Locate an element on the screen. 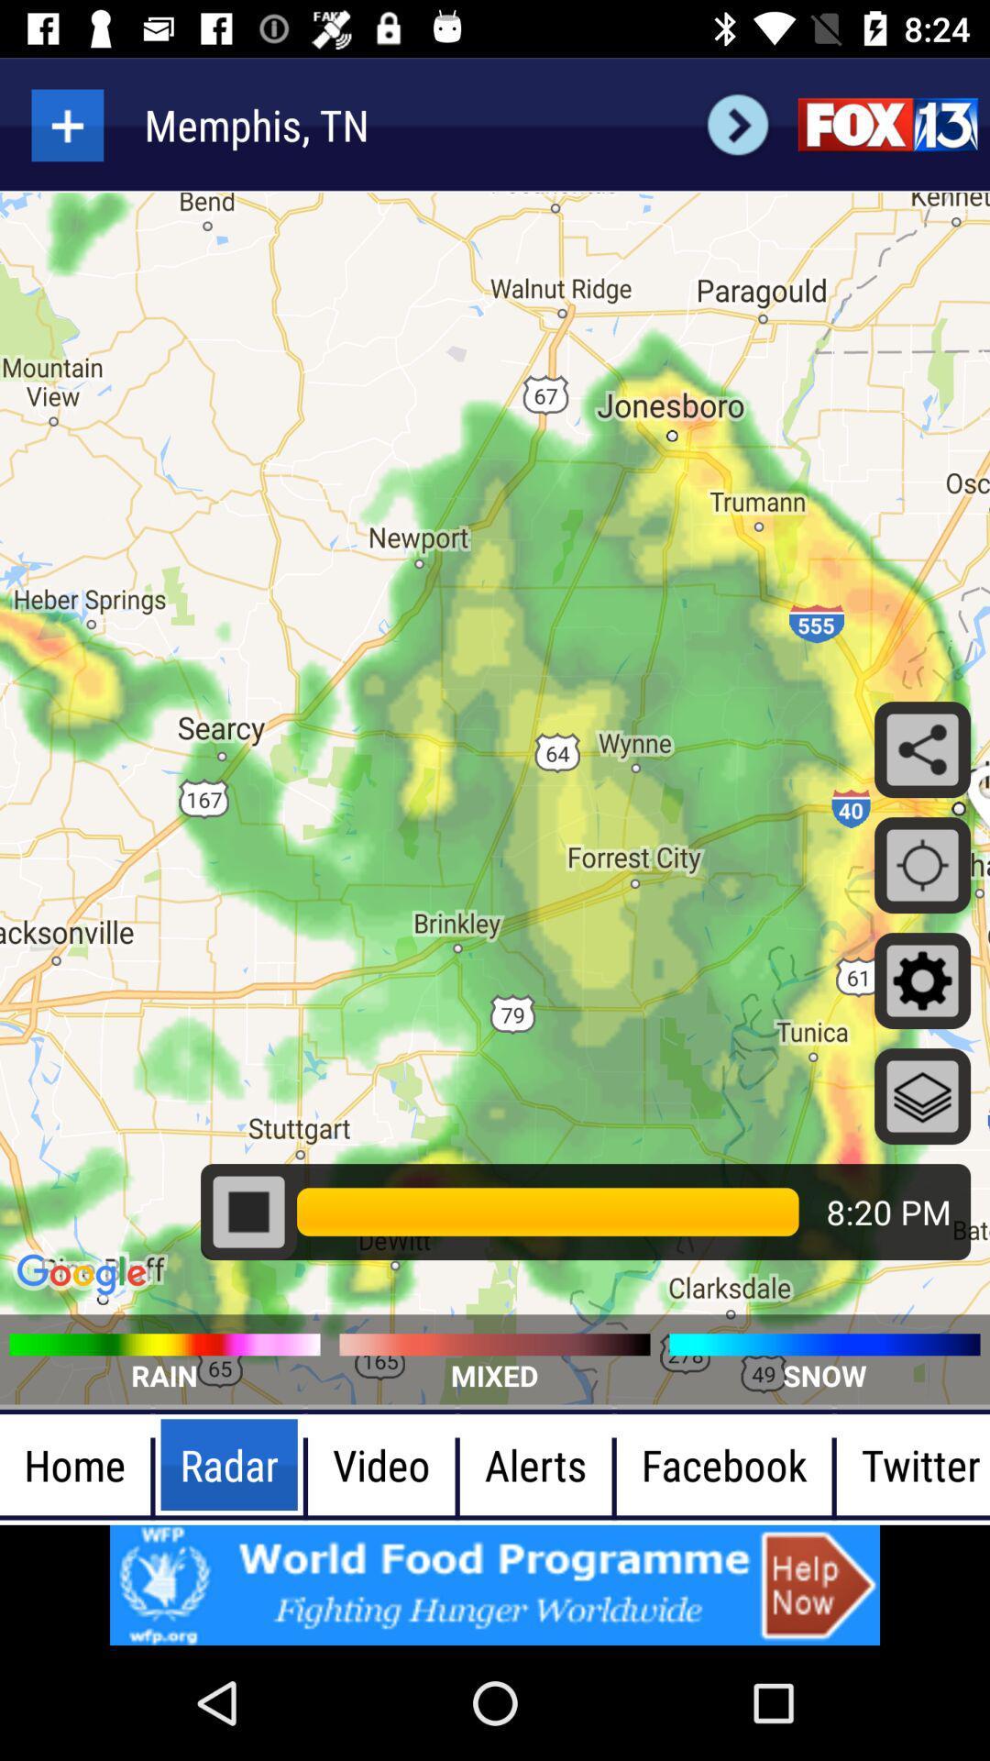  more items is located at coordinates (66, 124).